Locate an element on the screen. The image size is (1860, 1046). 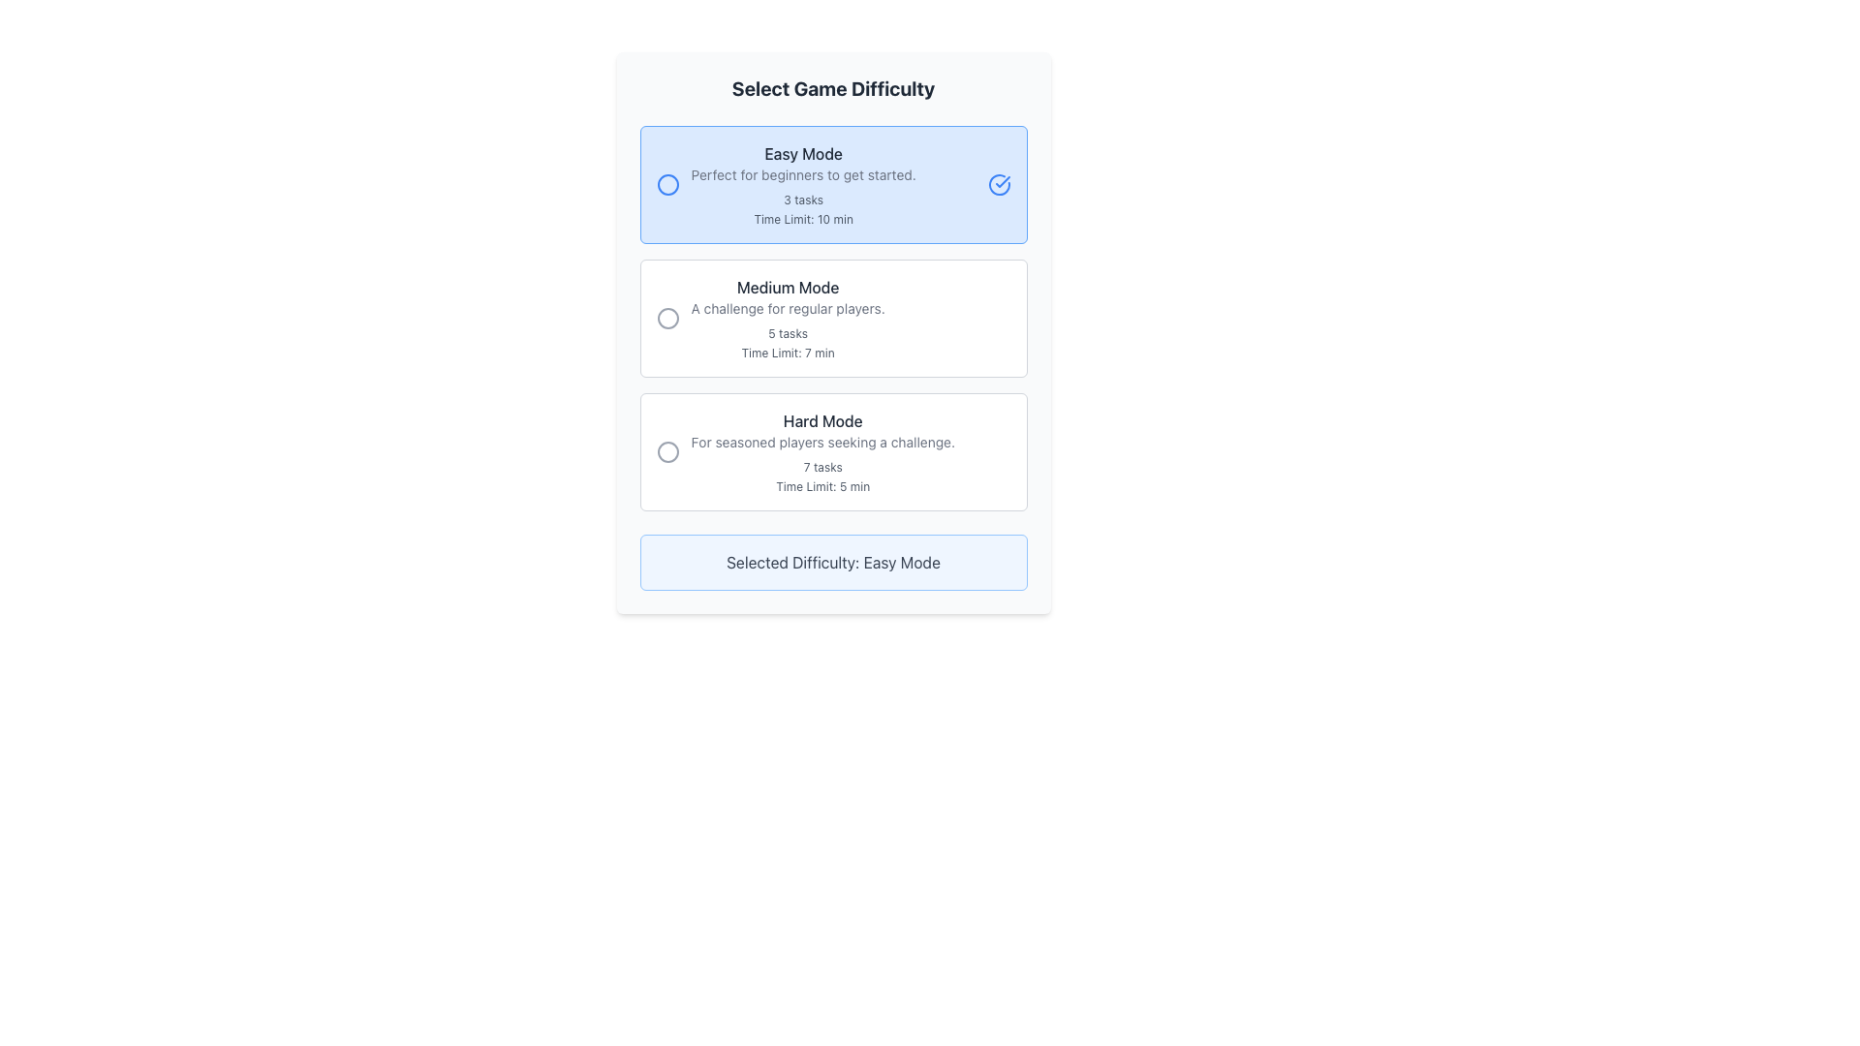
the text label displaying '5 tasks' and 'Time Limit: 7 min', located below the 'Medium Mode' title in the middle panel of options is located at coordinates (788, 342).